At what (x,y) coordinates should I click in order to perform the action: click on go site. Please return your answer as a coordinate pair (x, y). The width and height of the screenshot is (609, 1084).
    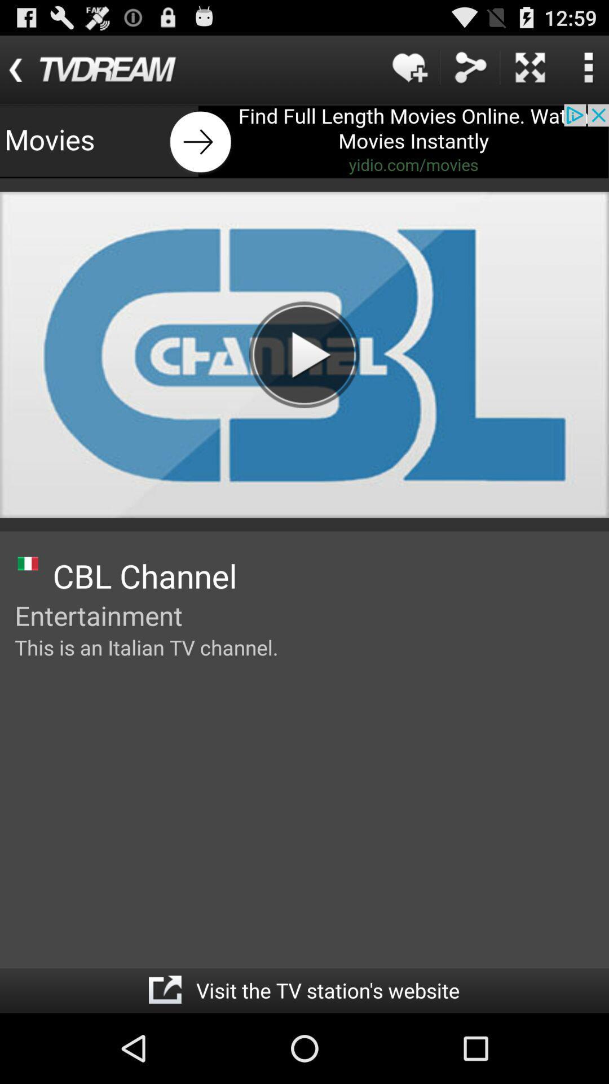
    Looking at the image, I should click on (165, 990).